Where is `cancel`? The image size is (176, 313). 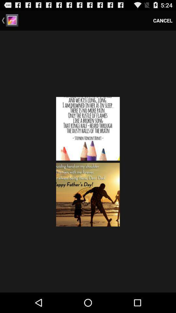
cancel is located at coordinates (162, 20).